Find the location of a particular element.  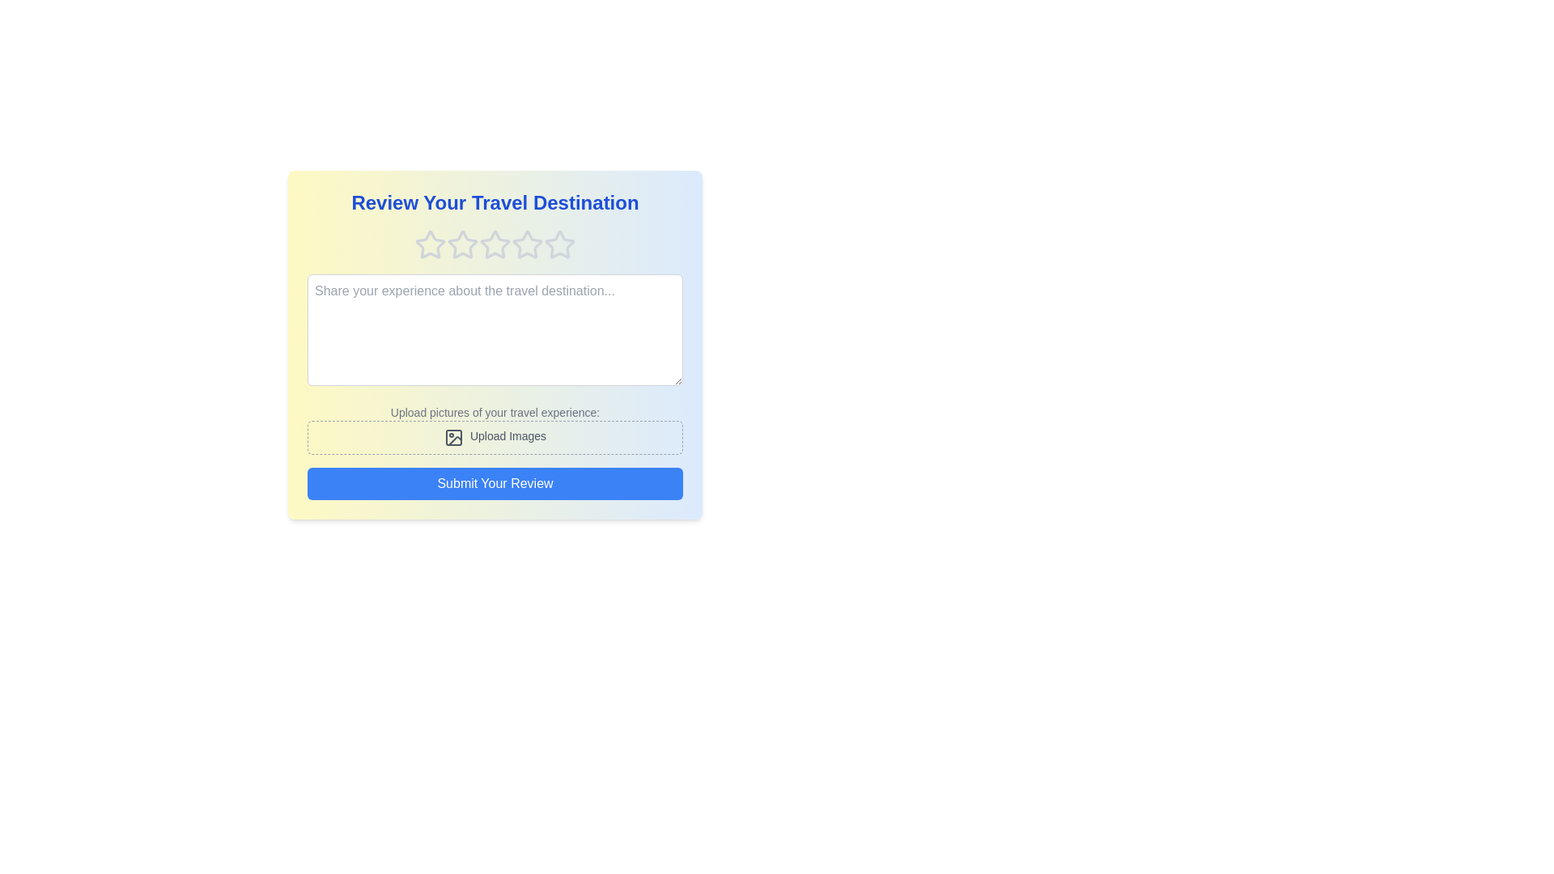

the star corresponding to the rating 3 is located at coordinates (494, 245).